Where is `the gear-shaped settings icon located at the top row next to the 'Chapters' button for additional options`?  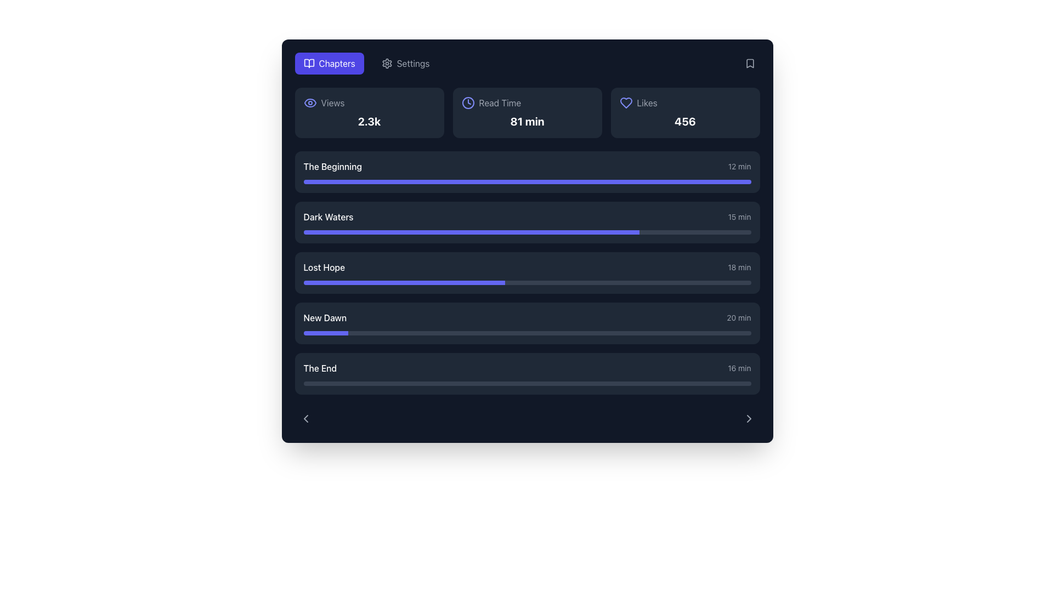 the gear-shaped settings icon located at the top row next to the 'Chapters' button for additional options is located at coordinates (387, 63).